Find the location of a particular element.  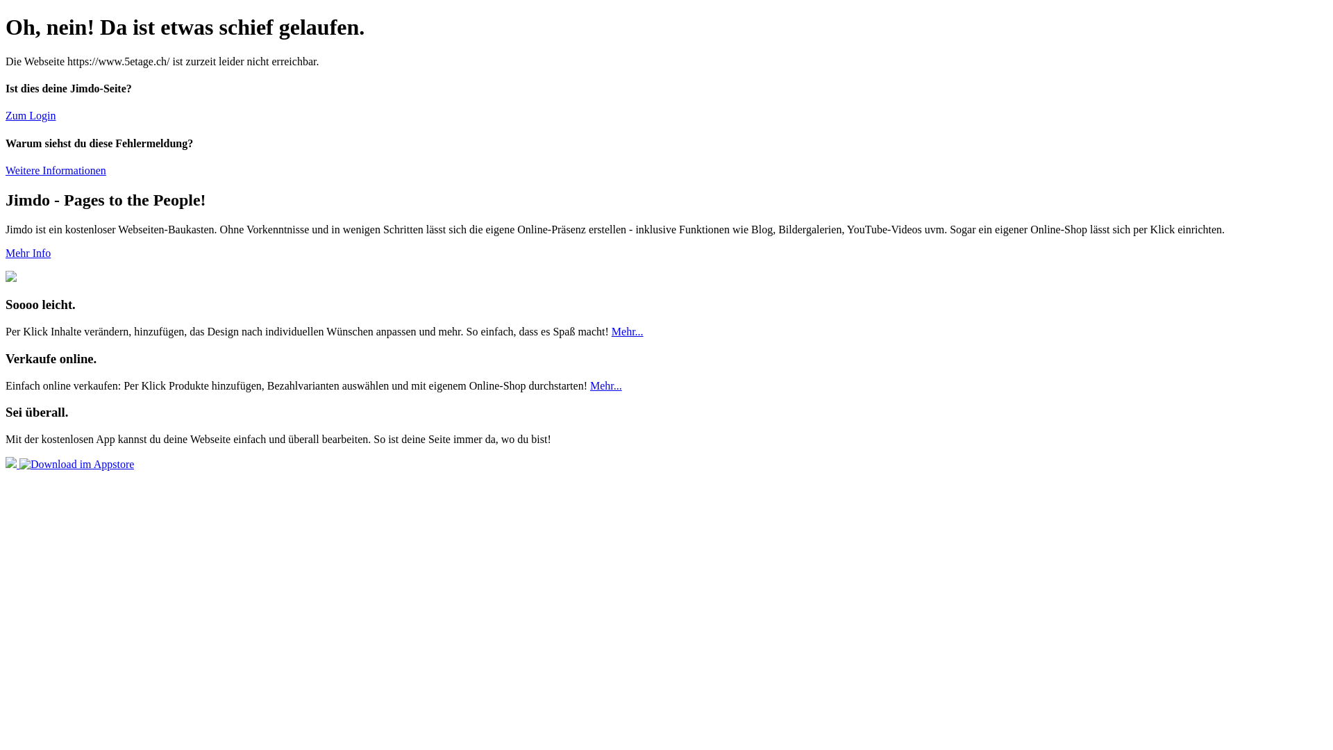

'Zum Login' is located at coordinates (6, 115).